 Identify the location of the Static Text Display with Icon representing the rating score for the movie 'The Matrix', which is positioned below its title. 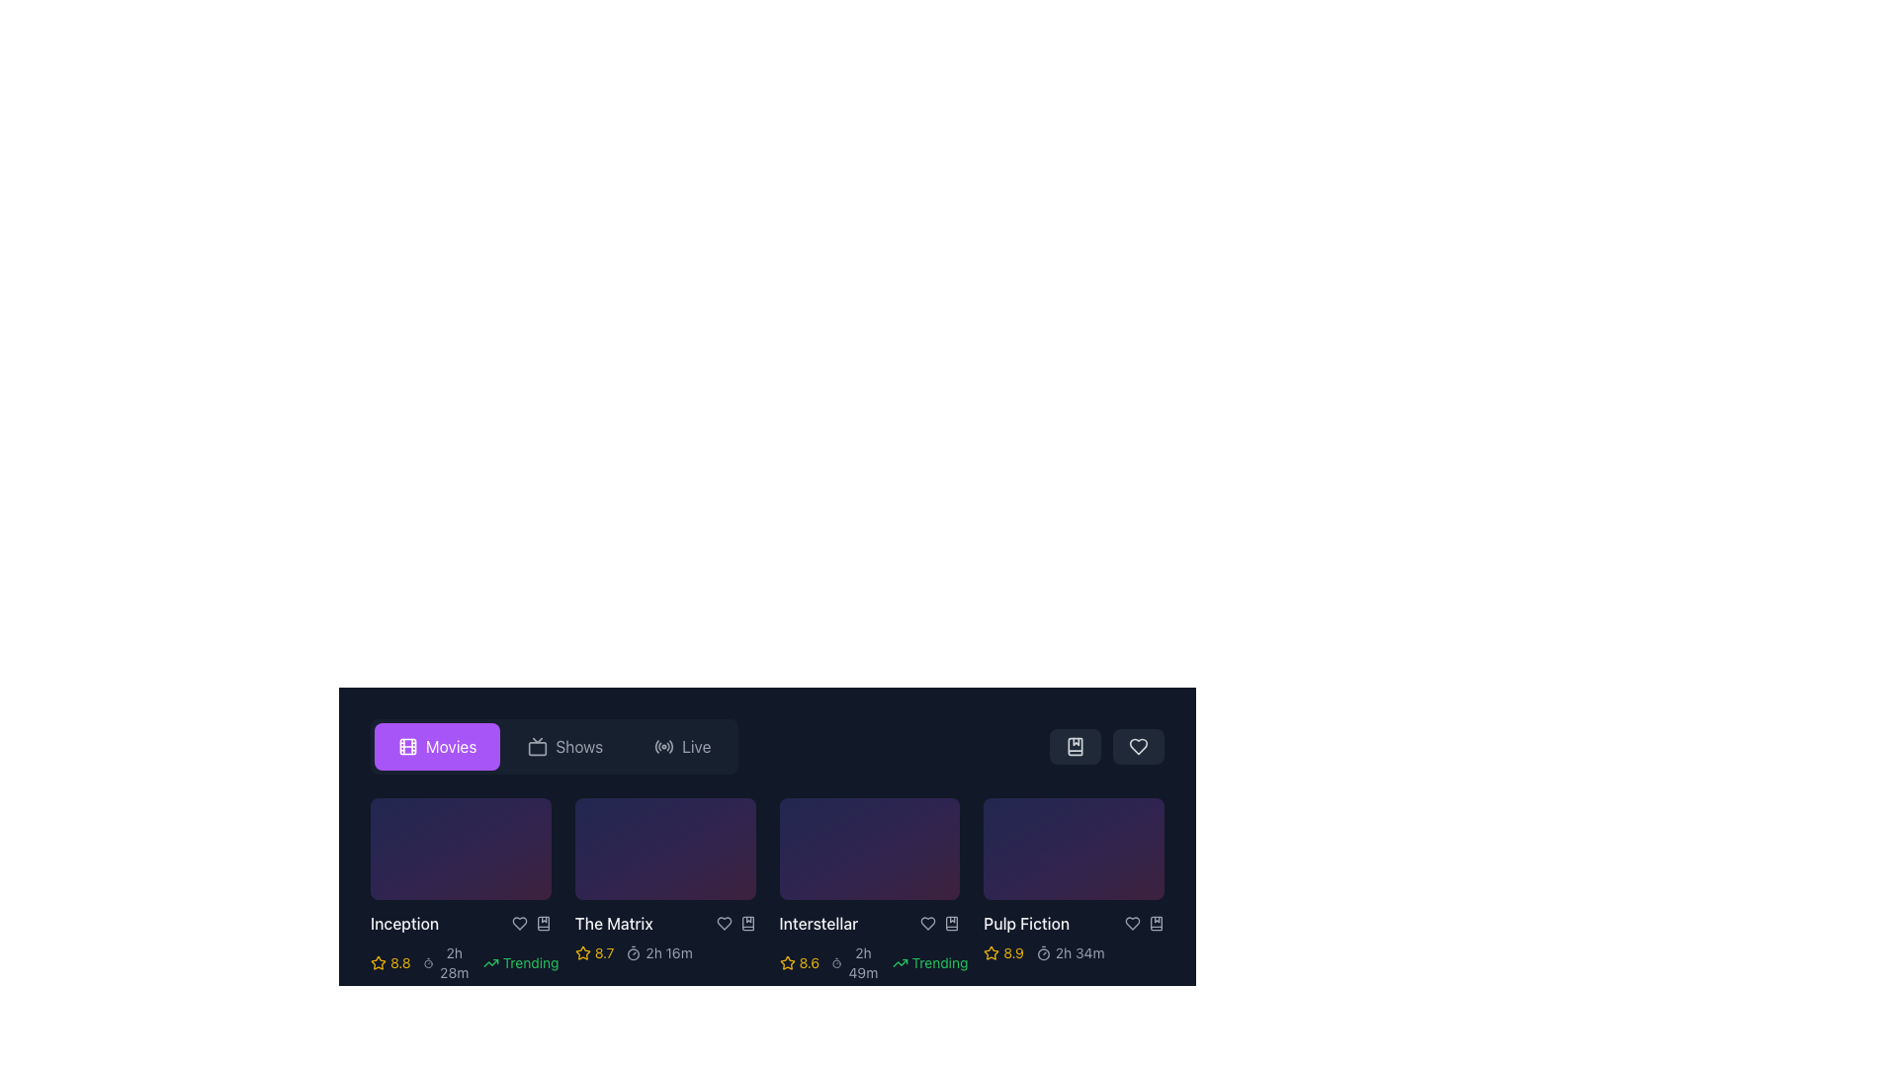
(593, 951).